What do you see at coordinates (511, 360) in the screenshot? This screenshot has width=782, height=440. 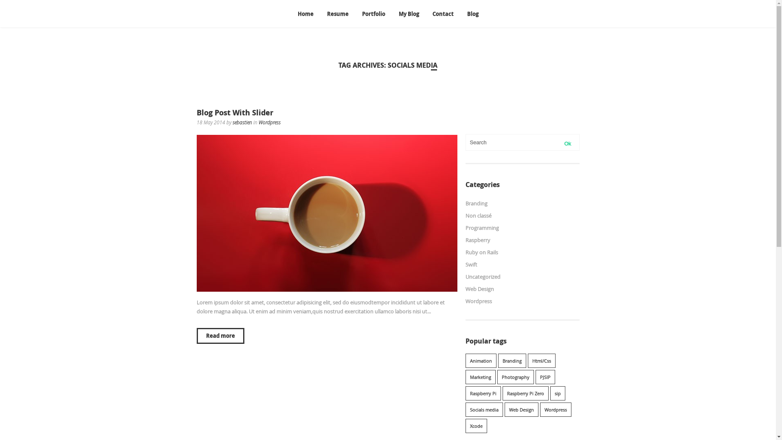 I see `'Branding'` at bounding box center [511, 360].